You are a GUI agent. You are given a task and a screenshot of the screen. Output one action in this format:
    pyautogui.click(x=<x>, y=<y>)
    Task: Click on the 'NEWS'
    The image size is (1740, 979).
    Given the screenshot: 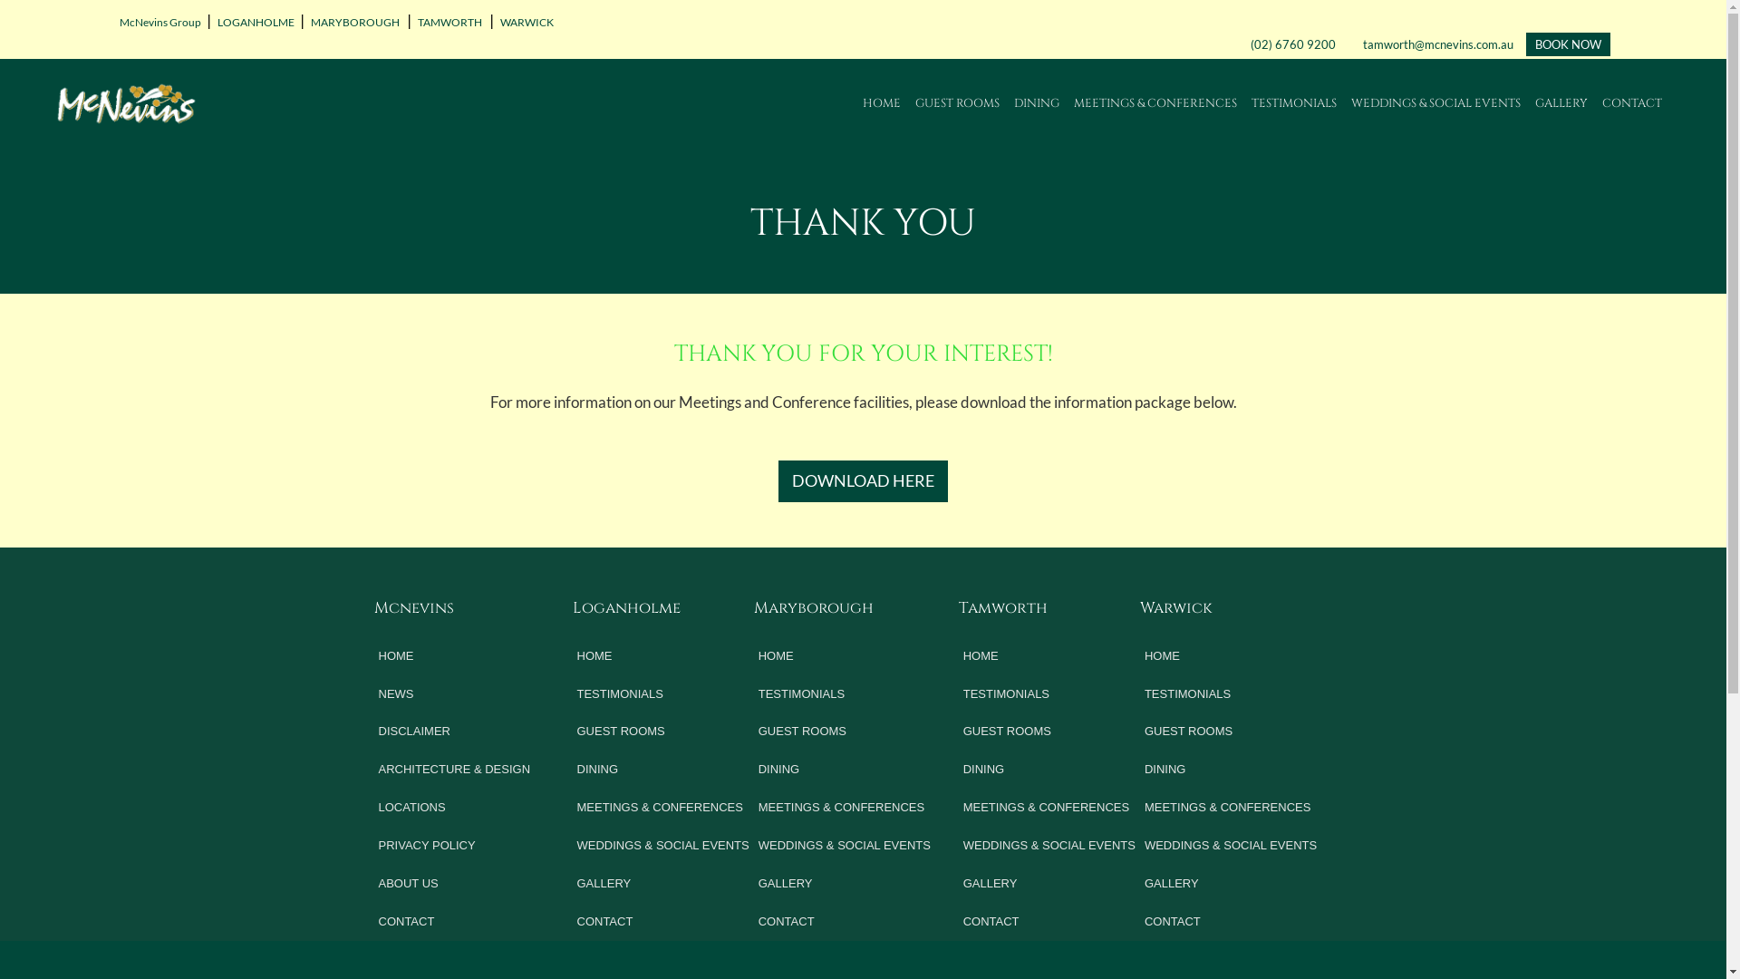 What is the action you would take?
    pyautogui.click(x=456, y=693)
    